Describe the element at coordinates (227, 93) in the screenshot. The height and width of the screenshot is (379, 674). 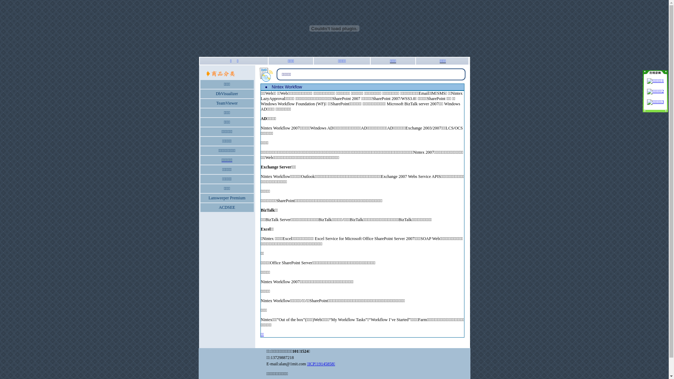
I see `'DbVisualizer'` at that location.